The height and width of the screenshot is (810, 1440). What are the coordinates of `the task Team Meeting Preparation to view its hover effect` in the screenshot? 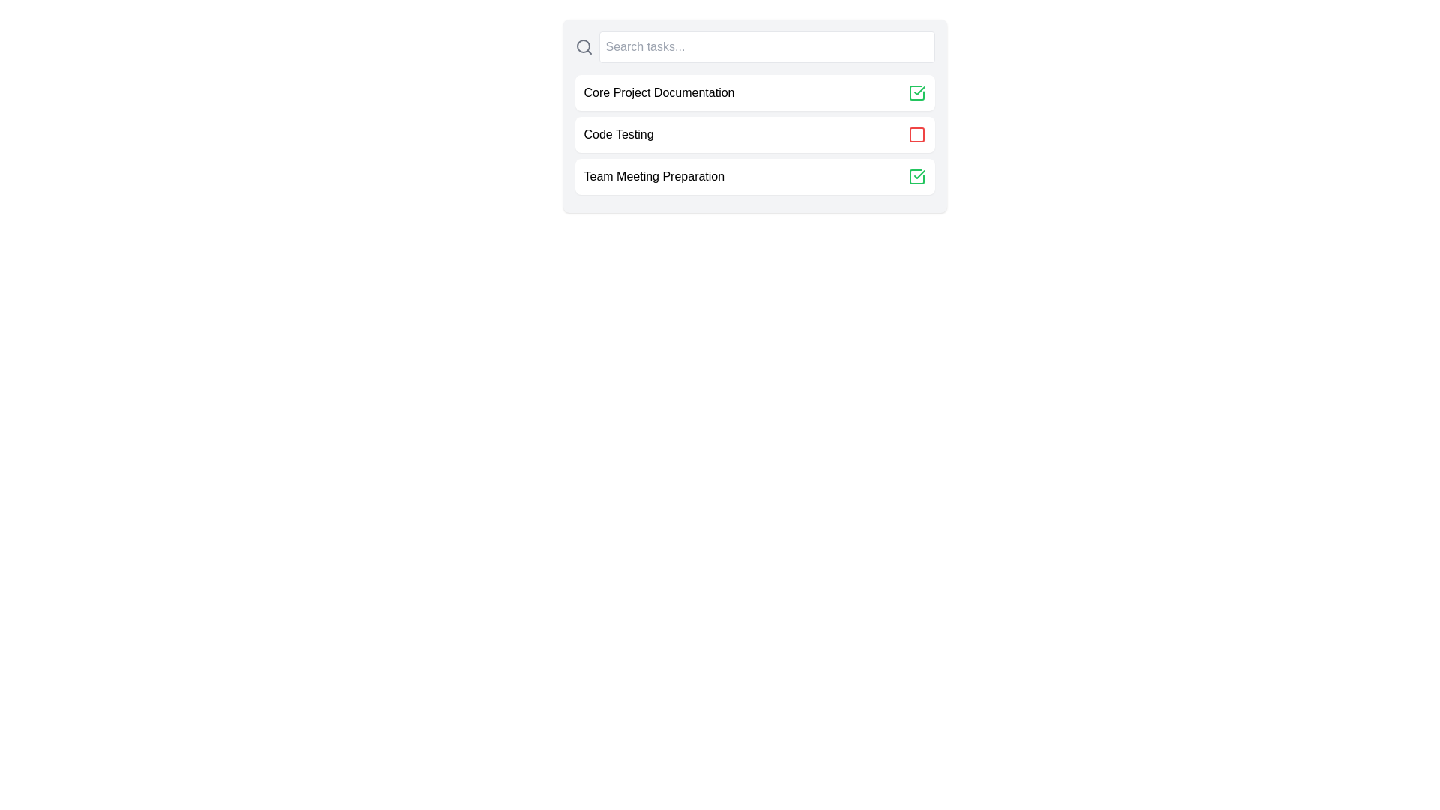 It's located at (754, 175).